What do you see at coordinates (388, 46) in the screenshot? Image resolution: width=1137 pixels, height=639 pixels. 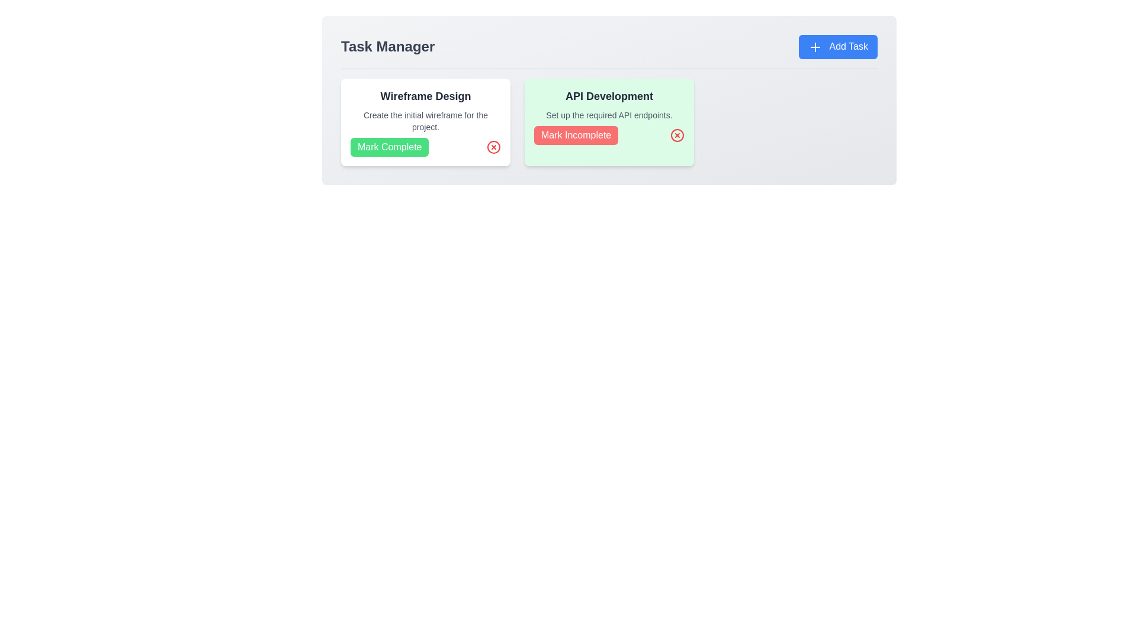 I see `the 'Task Manager' text label, which is a large, bold, dark gray text on a light gray background, positioned in the header section of the interface` at bounding box center [388, 46].